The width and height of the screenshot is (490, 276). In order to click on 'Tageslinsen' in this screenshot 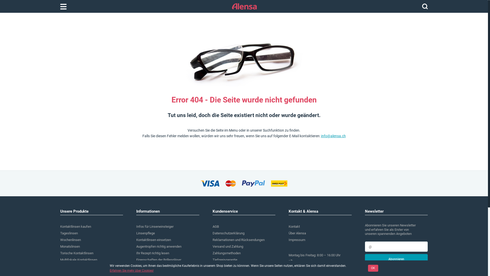, I will do `click(69, 233)`.